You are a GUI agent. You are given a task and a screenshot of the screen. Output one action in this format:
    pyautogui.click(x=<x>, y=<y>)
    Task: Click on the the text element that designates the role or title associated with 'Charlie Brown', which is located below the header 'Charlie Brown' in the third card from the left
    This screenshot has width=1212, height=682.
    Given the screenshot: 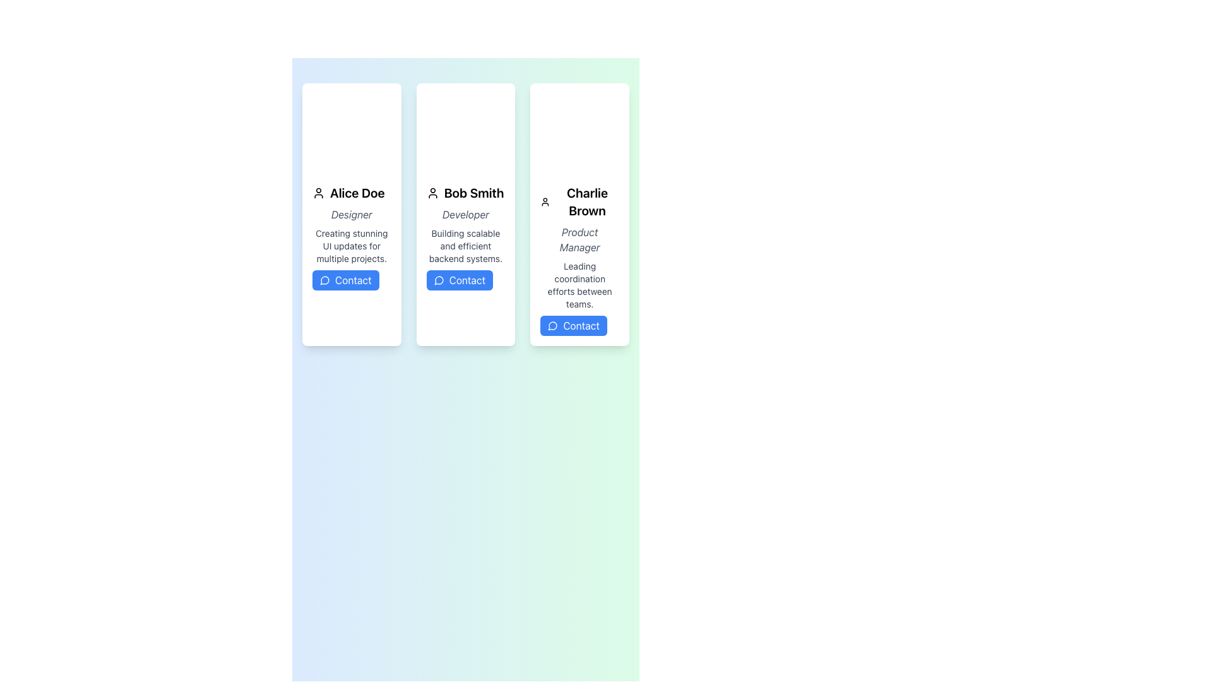 What is the action you would take?
    pyautogui.click(x=579, y=240)
    